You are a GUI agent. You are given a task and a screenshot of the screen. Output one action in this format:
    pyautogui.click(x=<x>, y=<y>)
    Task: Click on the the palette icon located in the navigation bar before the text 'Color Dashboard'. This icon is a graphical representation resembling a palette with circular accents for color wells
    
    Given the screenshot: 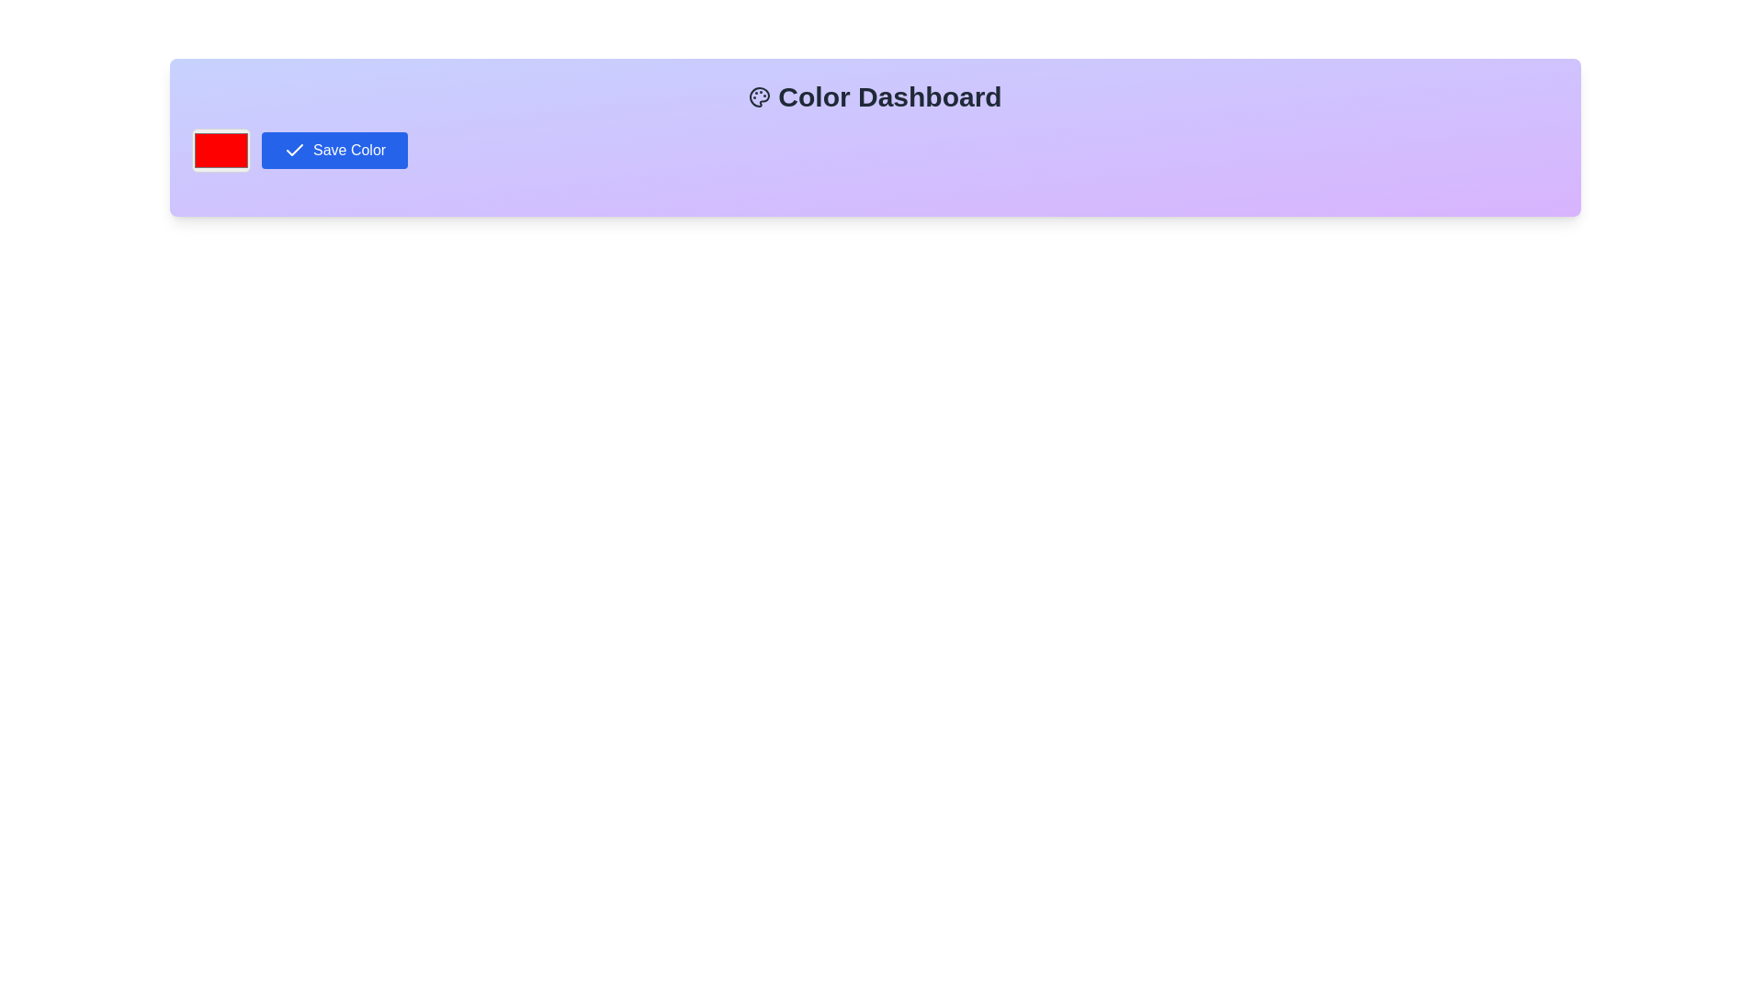 What is the action you would take?
    pyautogui.click(x=760, y=96)
    